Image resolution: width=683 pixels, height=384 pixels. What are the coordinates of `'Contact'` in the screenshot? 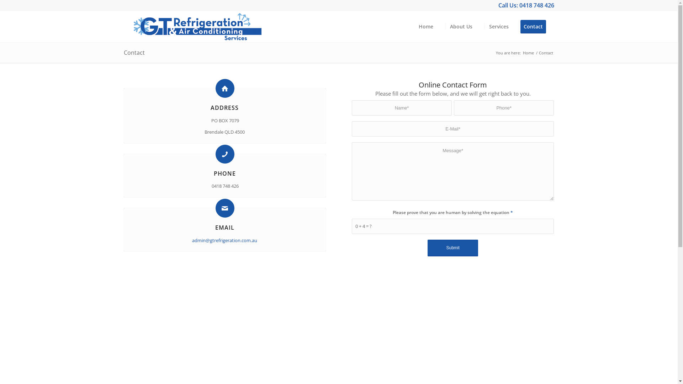 It's located at (535, 26).